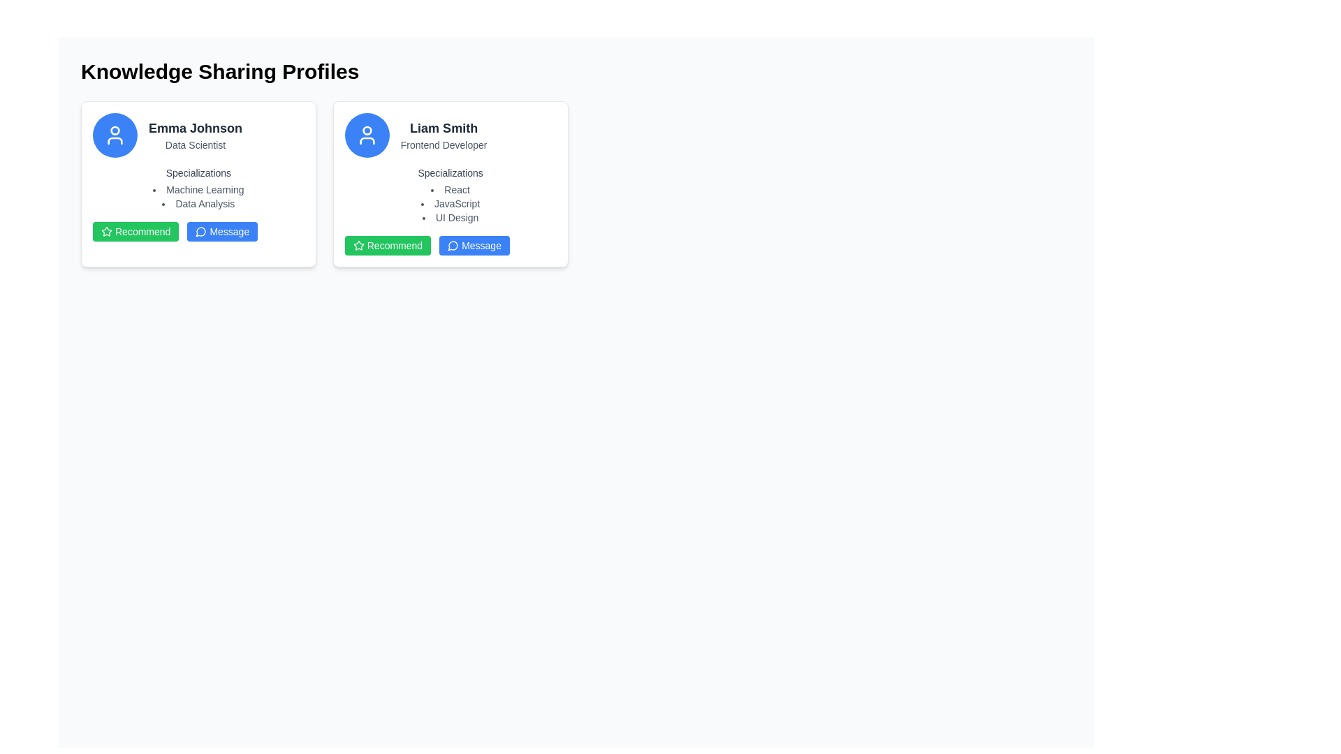 The height and width of the screenshot is (754, 1341). I want to click on the text label component displaying the name 'Emma Johnson' and the descriptor 'Data Scientist' located in the first profile card on the left of the 'Knowledge Sharing Profiles' page, positioned below the avatar icon, so click(194, 135).